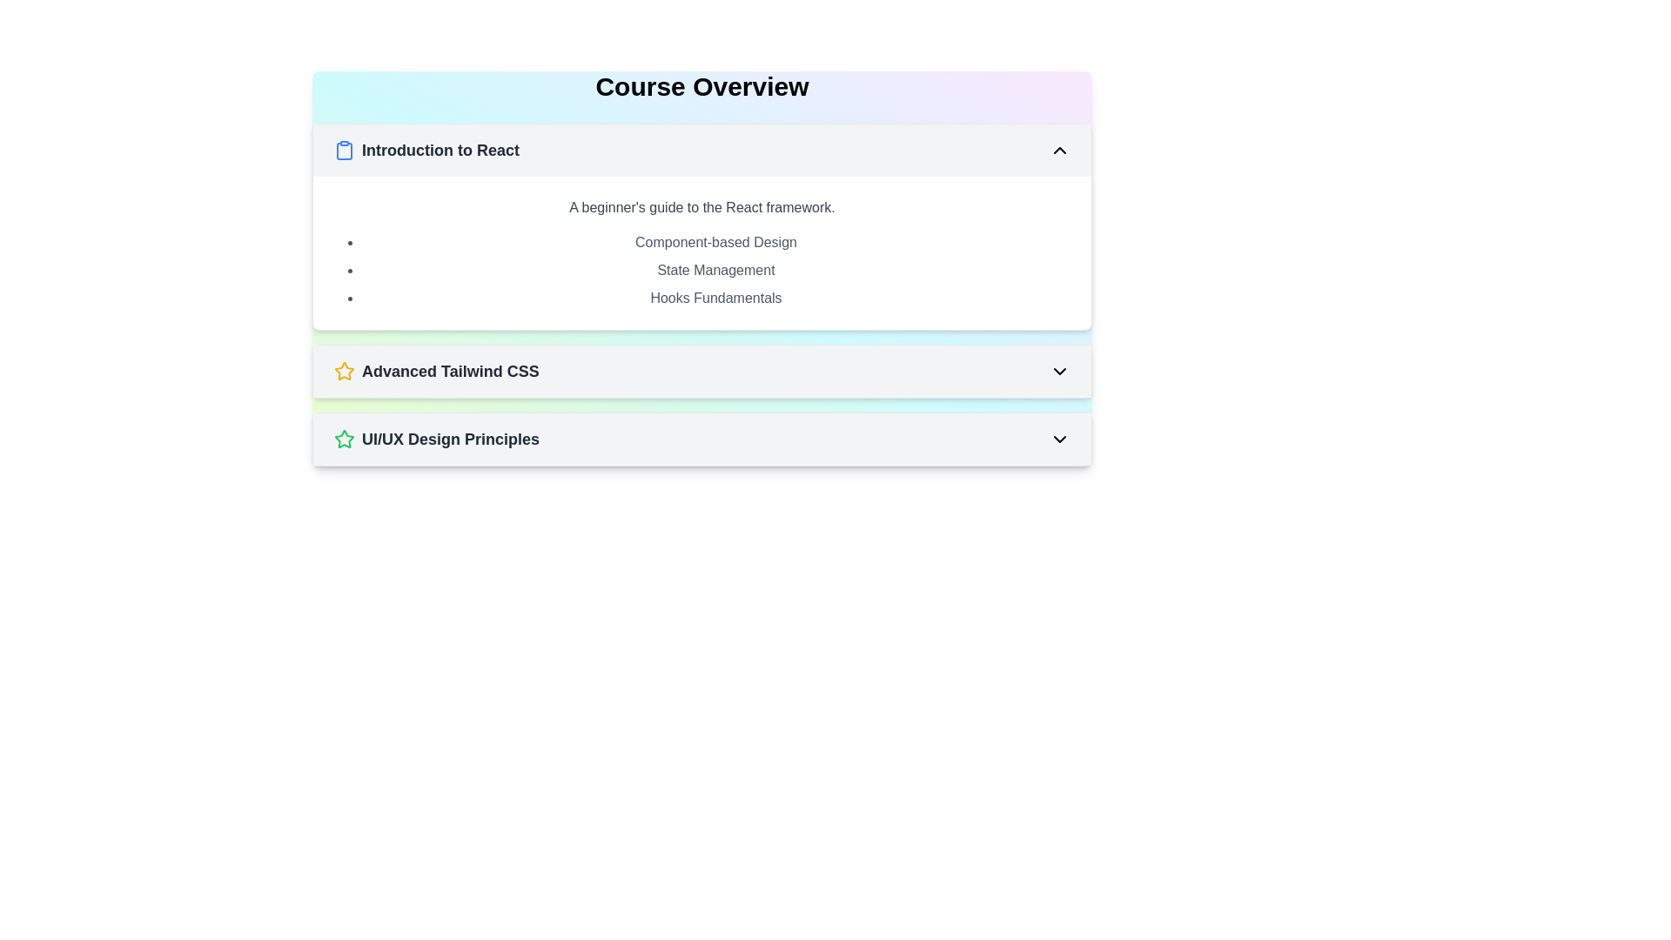 The image size is (1671, 940). What do you see at coordinates (1059, 150) in the screenshot?
I see `the chevron icon representing upward direction located to the right of the 'Introduction to React' title to observe tooltips or visual effects` at bounding box center [1059, 150].